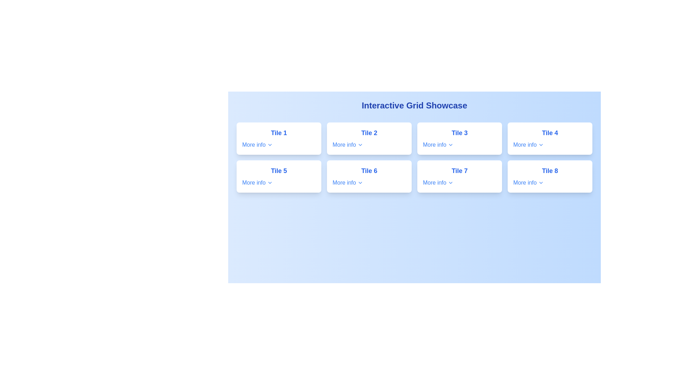 The image size is (675, 379). What do you see at coordinates (549, 171) in the screenshot?
I see `the text label styled with a blue, bold font reading 'Tile 8', located in the last tile of the bottom-right corner of the 'Interactive Grid Showcase', positioned above the 'More info' label and chevron icon` at bounding box center [549, 171].